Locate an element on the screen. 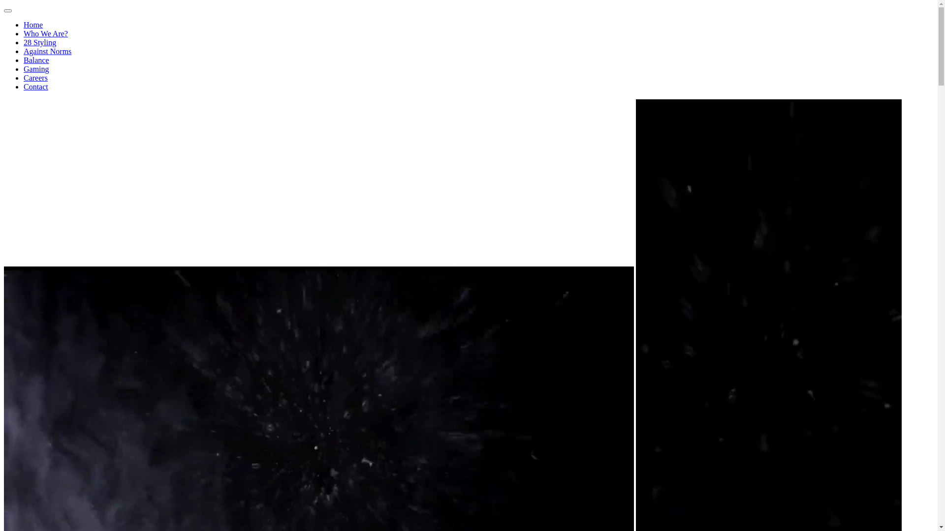 This screenshot has width=945, height=531. 'Home' is located at coordinates (33, 24).